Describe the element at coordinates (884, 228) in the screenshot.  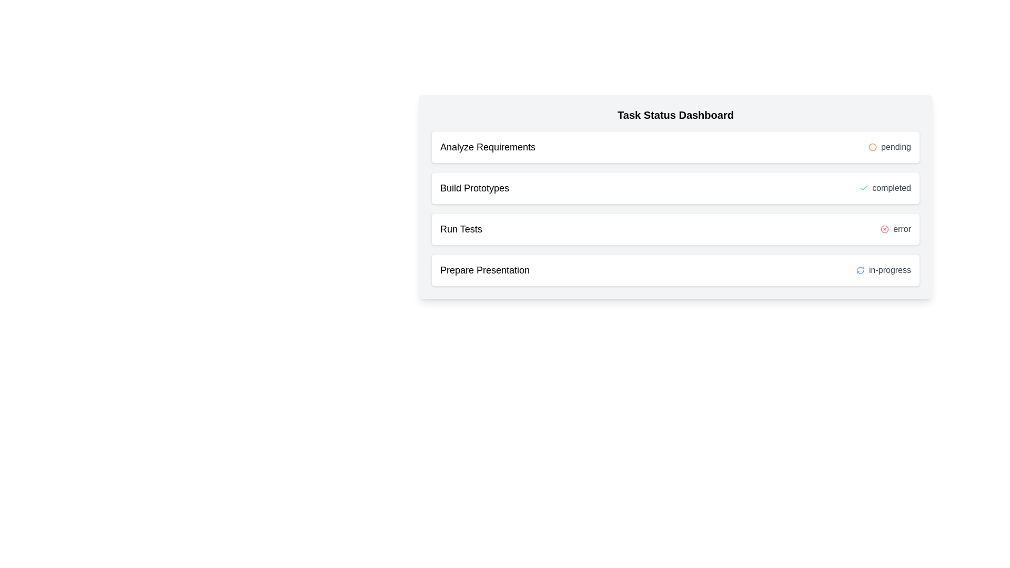
I see `the circular part of the error icon associated with the 'Run Tests' task, which visually represents an error or failed status` at that location.